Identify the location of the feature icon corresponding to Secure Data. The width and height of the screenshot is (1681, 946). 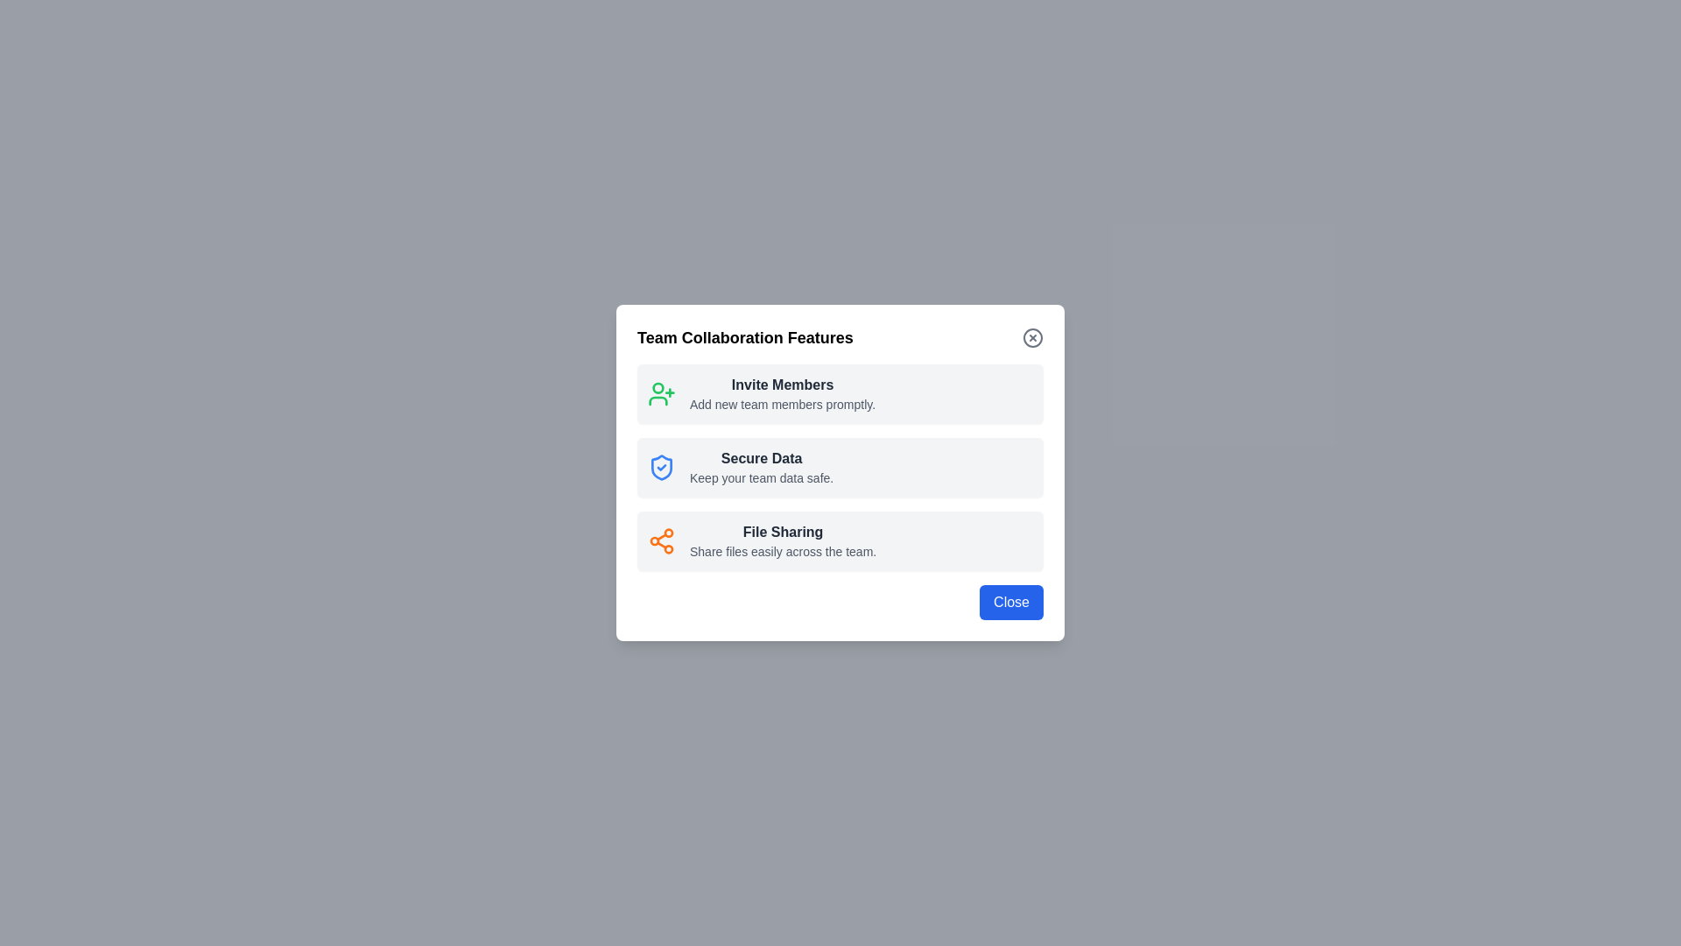
(660, 466).